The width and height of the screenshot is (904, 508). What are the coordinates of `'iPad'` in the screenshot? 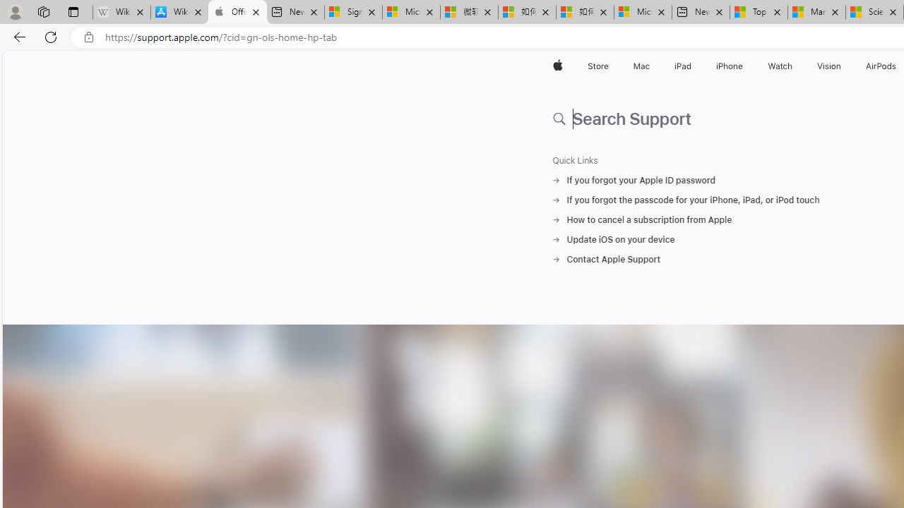 It's located at (682, 66).